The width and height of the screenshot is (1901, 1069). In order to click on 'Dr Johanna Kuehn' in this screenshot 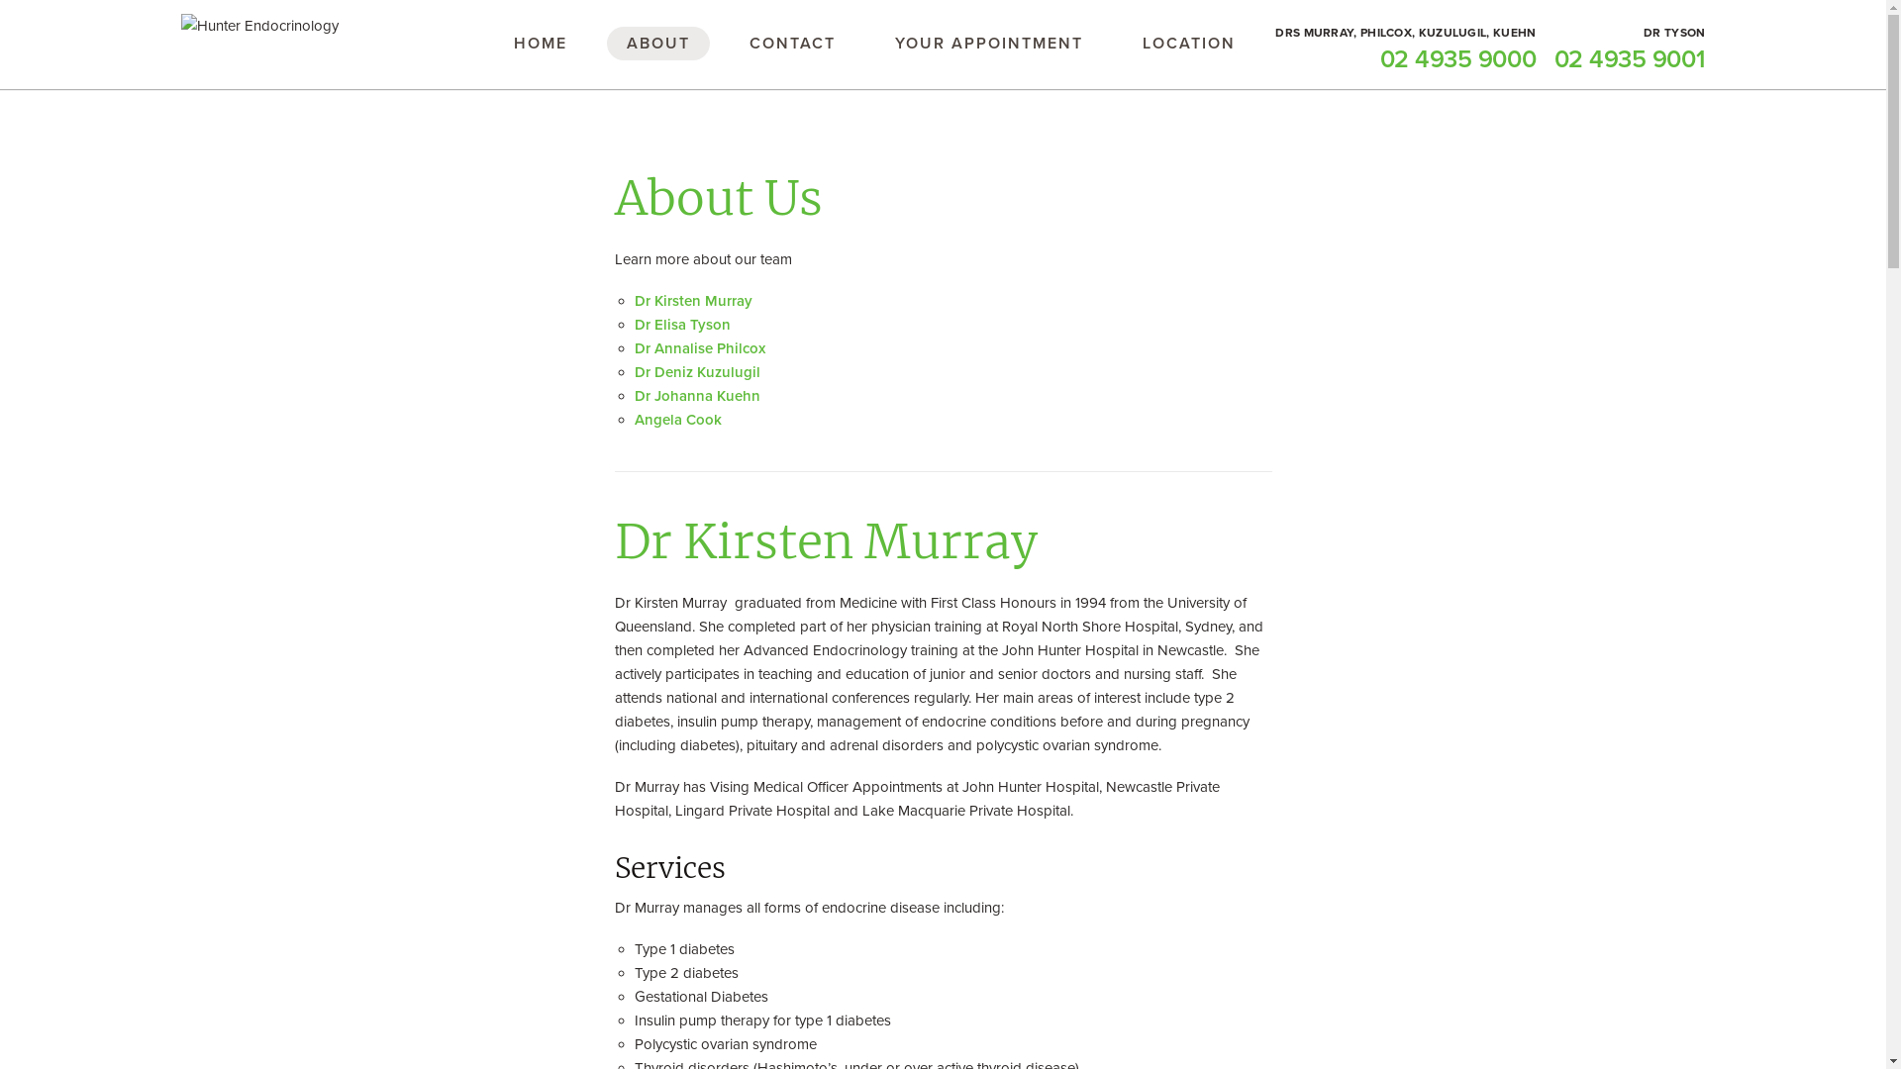, I will do `click(696, 396)`.